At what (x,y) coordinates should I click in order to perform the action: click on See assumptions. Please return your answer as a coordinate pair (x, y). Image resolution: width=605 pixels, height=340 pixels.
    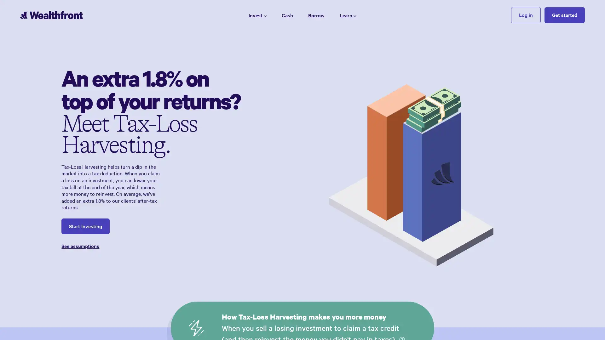
    Looking at the image, I should click on (151, 245).